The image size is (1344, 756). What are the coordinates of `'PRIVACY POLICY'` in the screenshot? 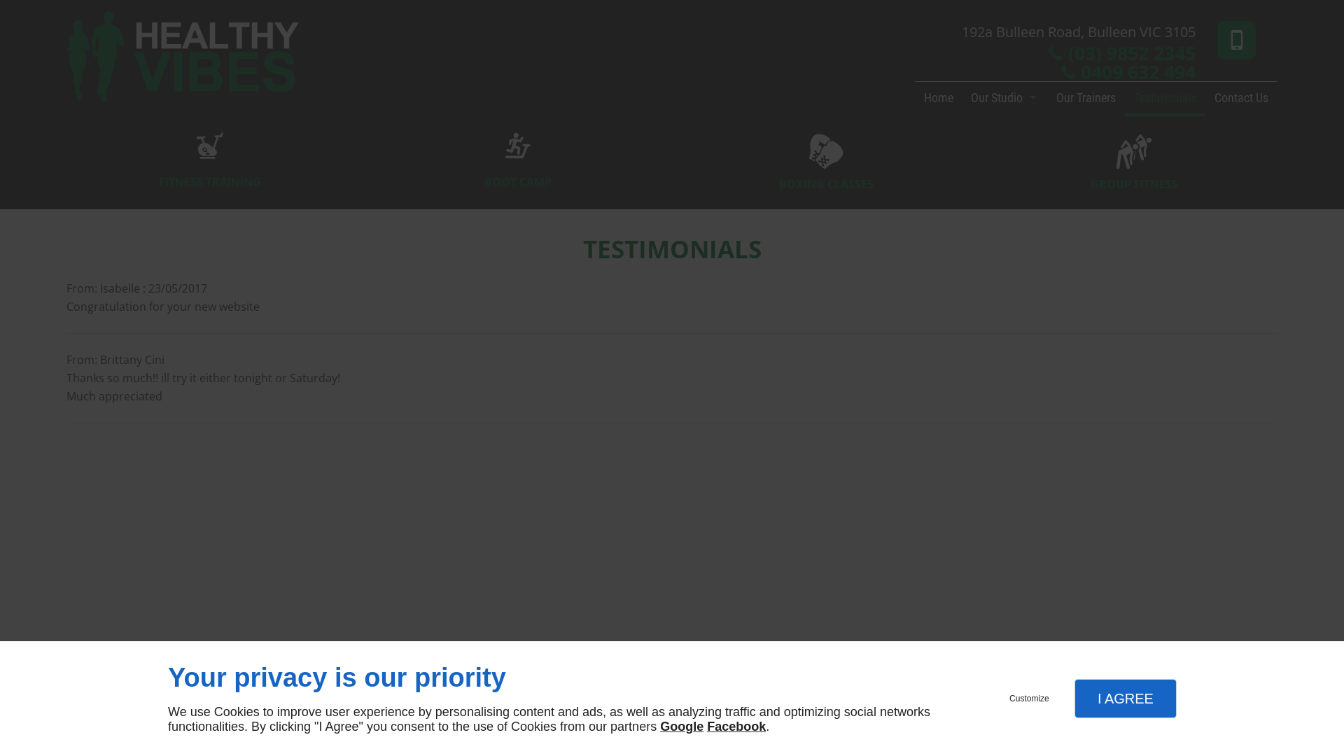 It's located at (1198, 727).